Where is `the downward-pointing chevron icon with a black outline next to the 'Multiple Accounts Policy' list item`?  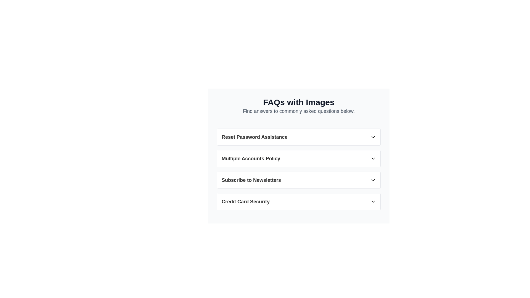 the downward-pointing chevron icon with a black outline next to the 'Multiple Accounts Policy' list item is located at coordinates (373, 158).